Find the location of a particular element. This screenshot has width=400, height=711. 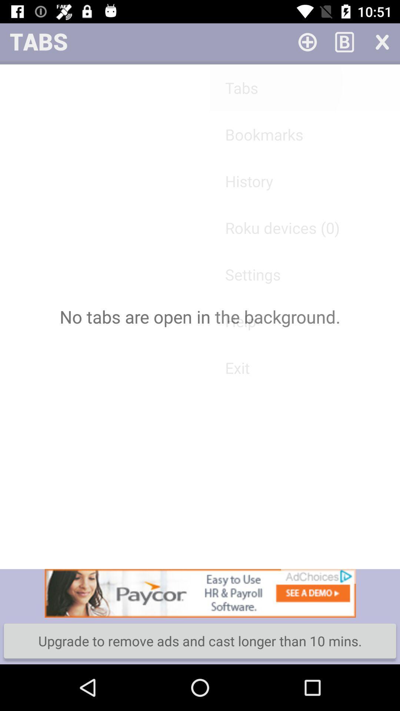

tab is located at coordinates (307, 41).